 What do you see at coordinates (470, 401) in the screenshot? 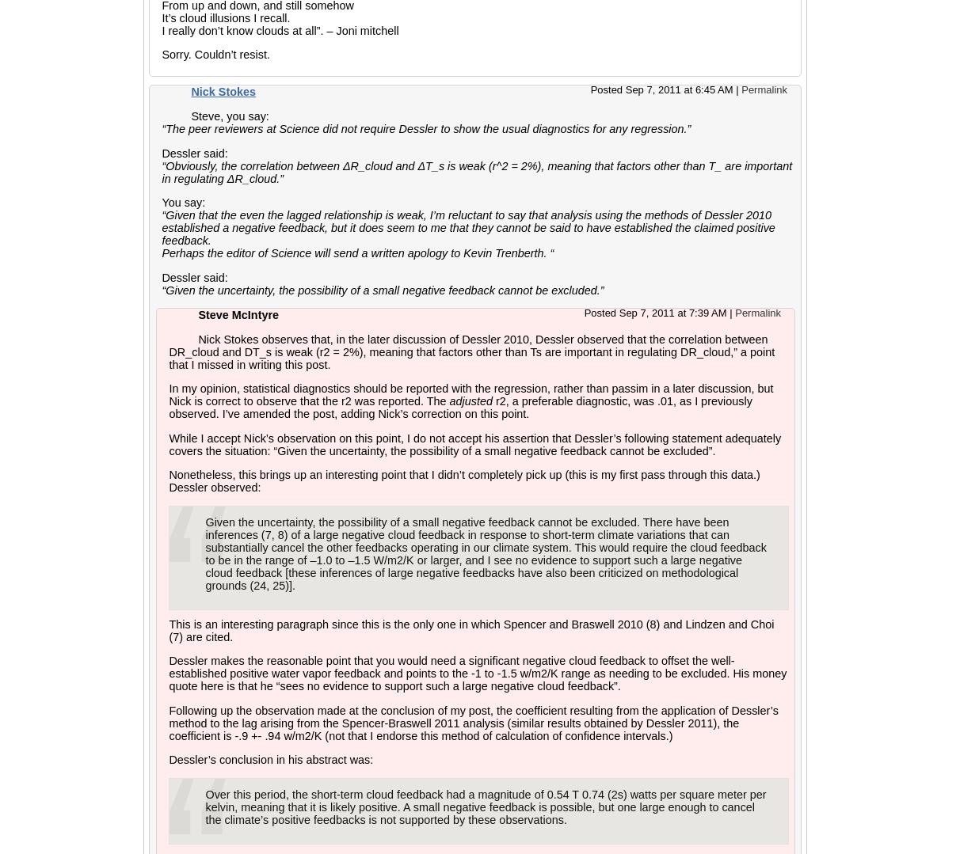
I see `'adjusted'` at bounding box center [470, 401].